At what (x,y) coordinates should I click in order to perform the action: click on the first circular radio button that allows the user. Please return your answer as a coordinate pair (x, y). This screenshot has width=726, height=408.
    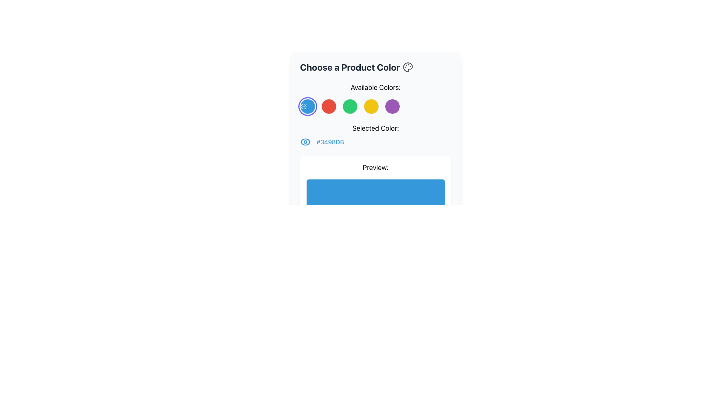
    Looking at the image, I should click on (307, 106).